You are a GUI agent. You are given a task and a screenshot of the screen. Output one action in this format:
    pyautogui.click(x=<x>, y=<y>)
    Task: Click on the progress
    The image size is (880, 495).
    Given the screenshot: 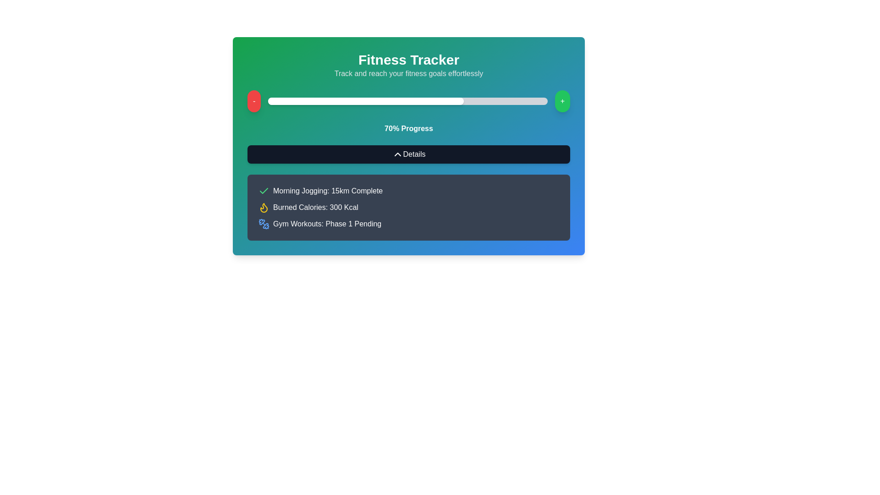 What is the action you would take?
    pyautogui.click(x=360, y=101)
    